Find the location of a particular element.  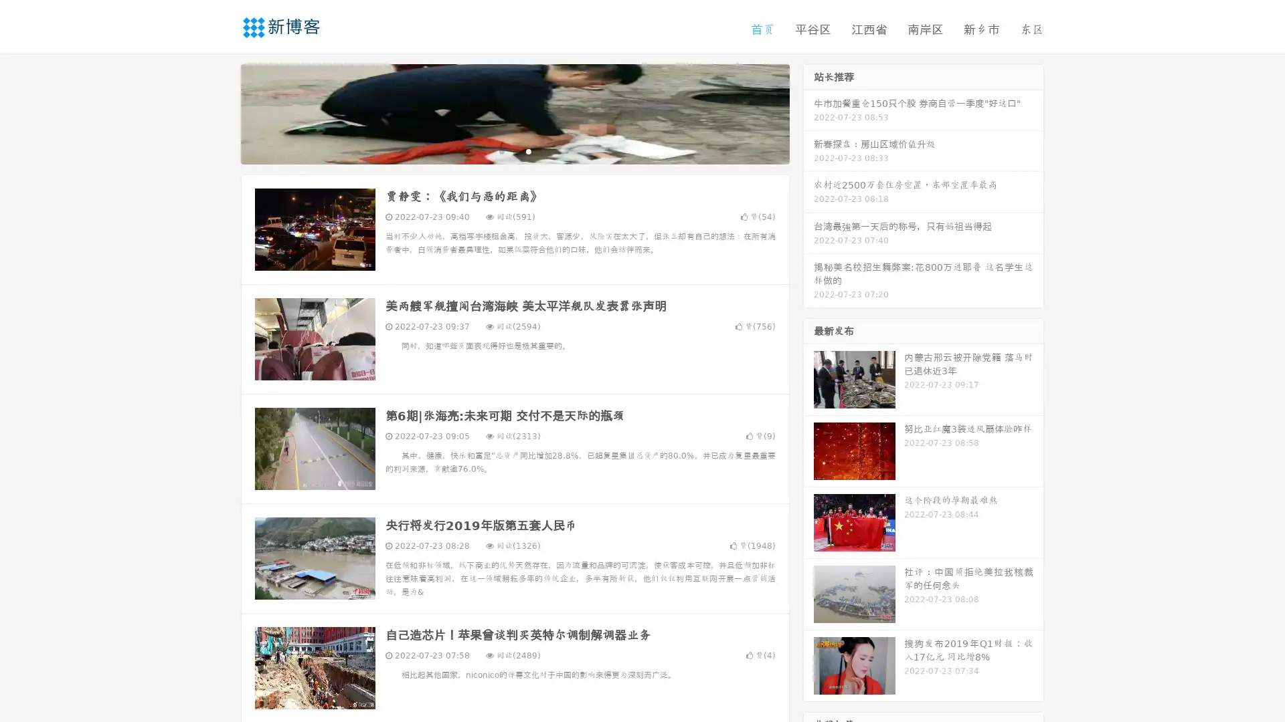

Go to slide 2 is located at coordinates (514, 150).